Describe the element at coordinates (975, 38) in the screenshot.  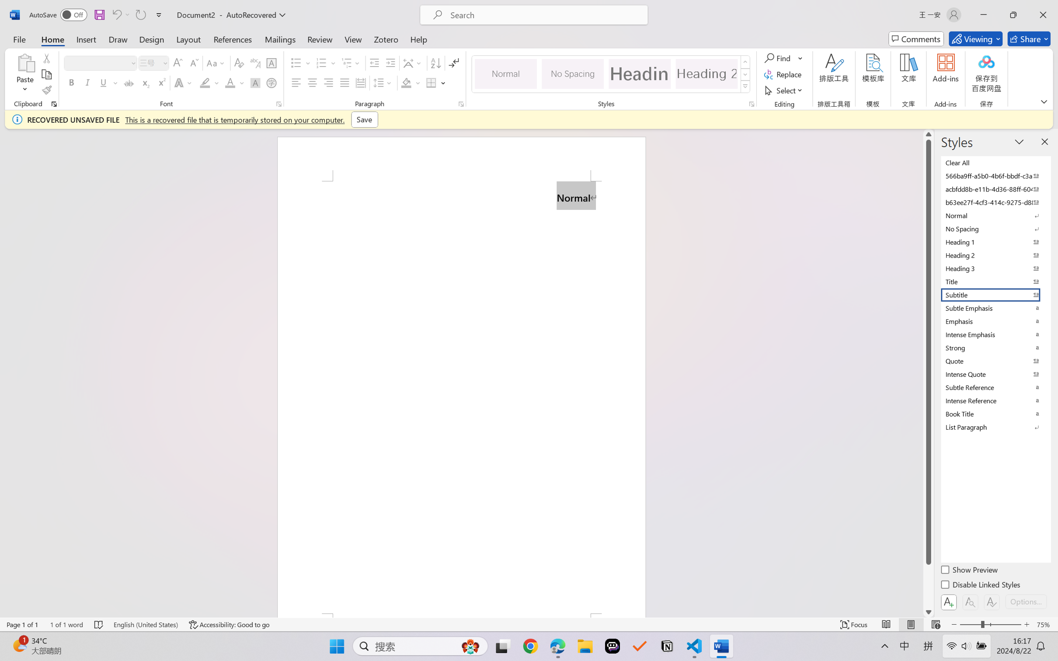
I see `'Mode'` at that location.